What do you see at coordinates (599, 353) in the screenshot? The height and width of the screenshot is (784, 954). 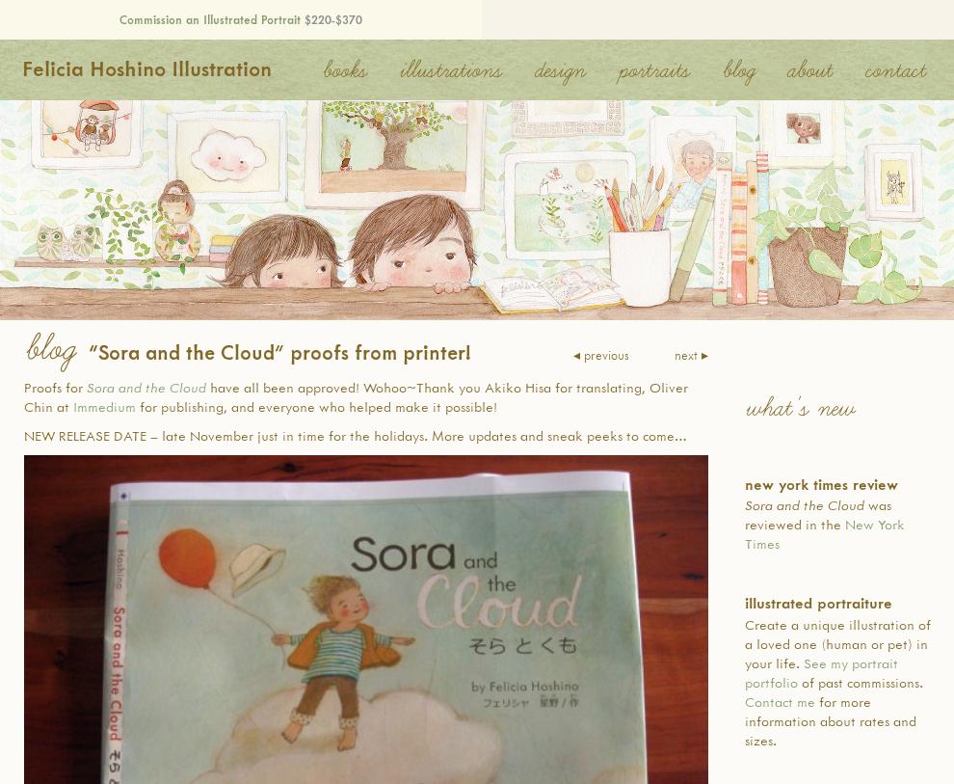 I see `'◂ previous'` at bounding box center [599, 353].